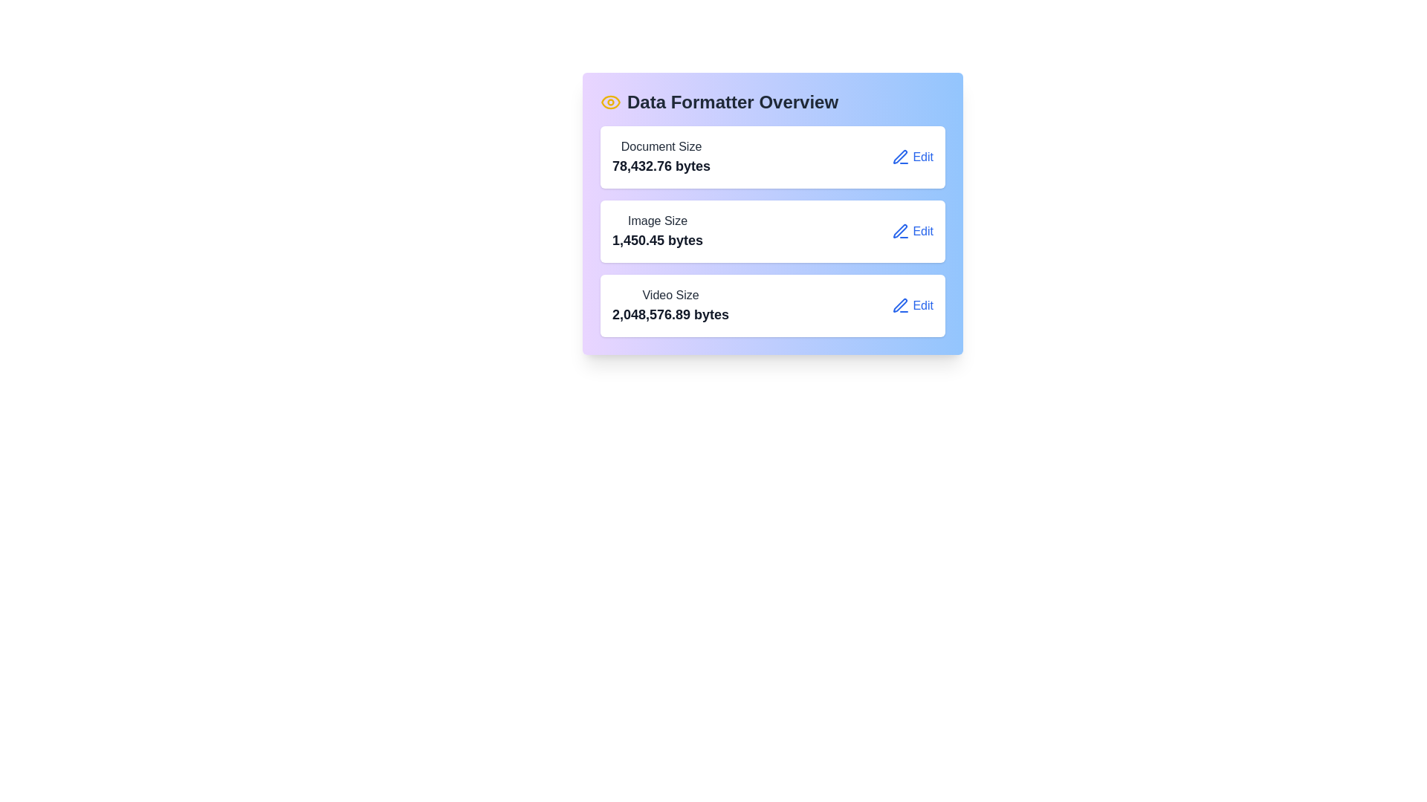 The image size is (1427, 802). What do you see at coordinates (610, 102) in the screenshot?
I see `circular eye icon with a yellow outline located to the left of the 'Data Formatter Overview' text by clicking on it` at bounding box center [610, 102].